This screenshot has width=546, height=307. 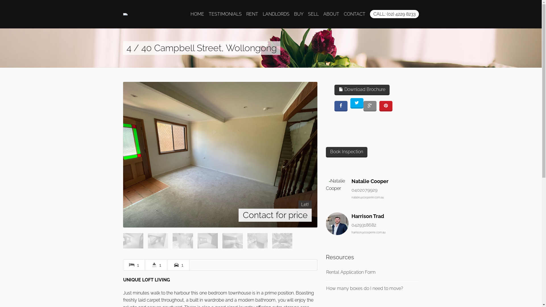 I want to click on 'BUY', so click(x=294, y=14).